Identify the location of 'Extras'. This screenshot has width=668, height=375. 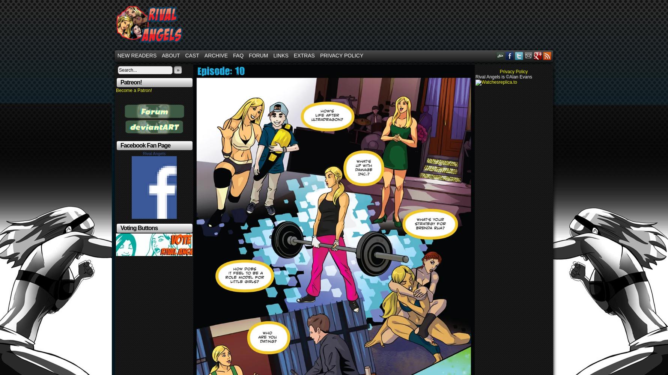
(304, 55).